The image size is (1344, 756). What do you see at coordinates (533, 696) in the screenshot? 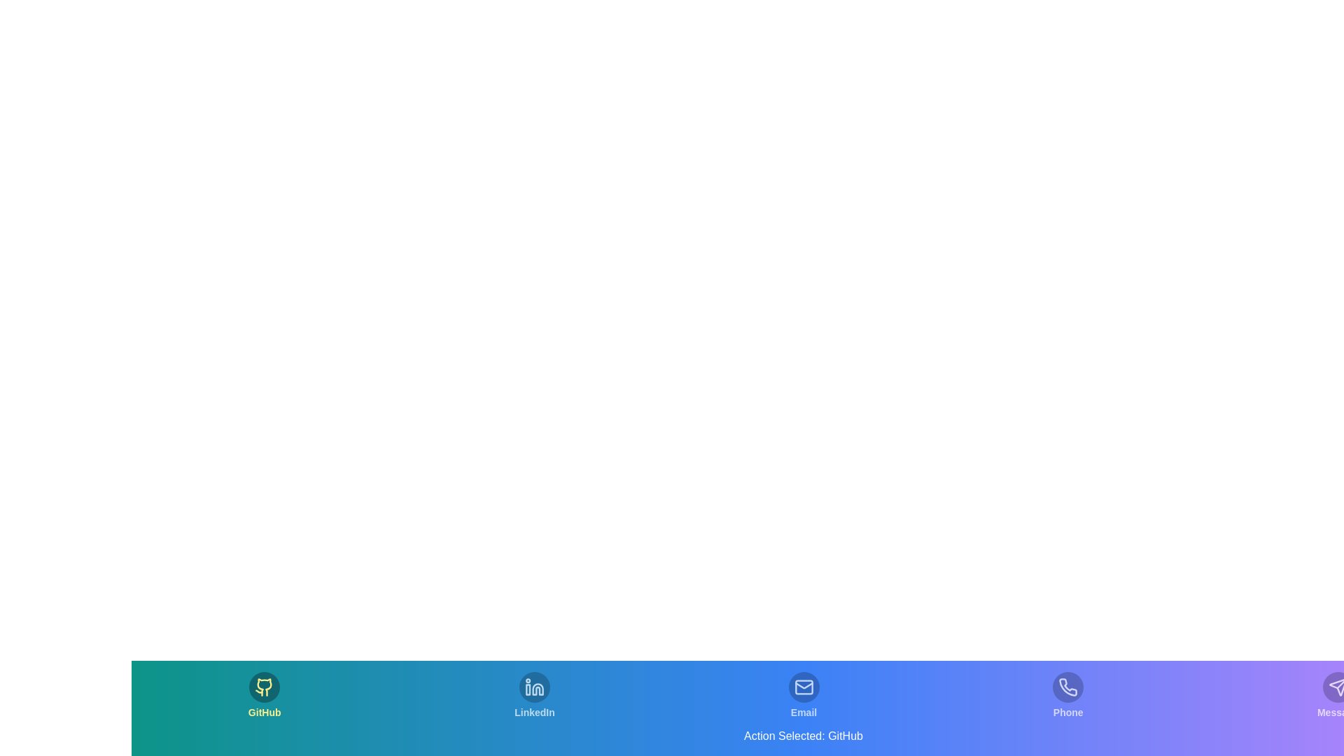
I see `the tab labeled LinkedIn to switch to that section` at bounding box center [533, 696].